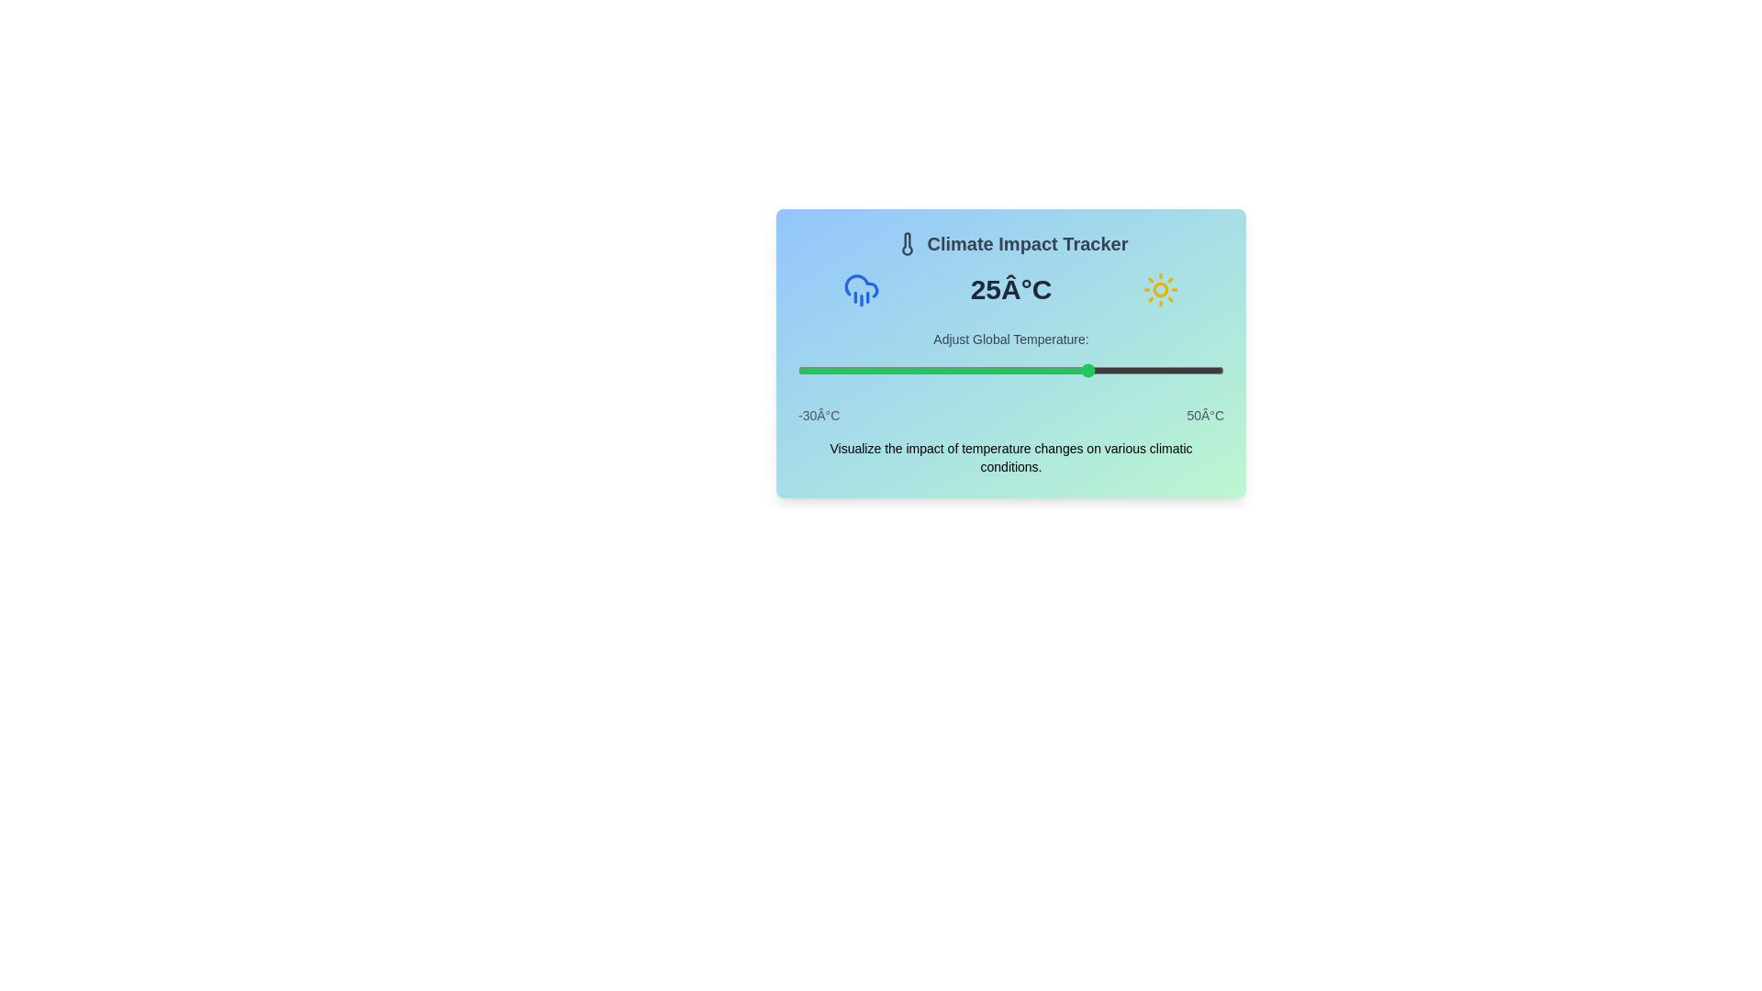 The image size is (1762, 991). I want to click on the temperature slider to set the temperature to 44°C, so click(1192, 371).